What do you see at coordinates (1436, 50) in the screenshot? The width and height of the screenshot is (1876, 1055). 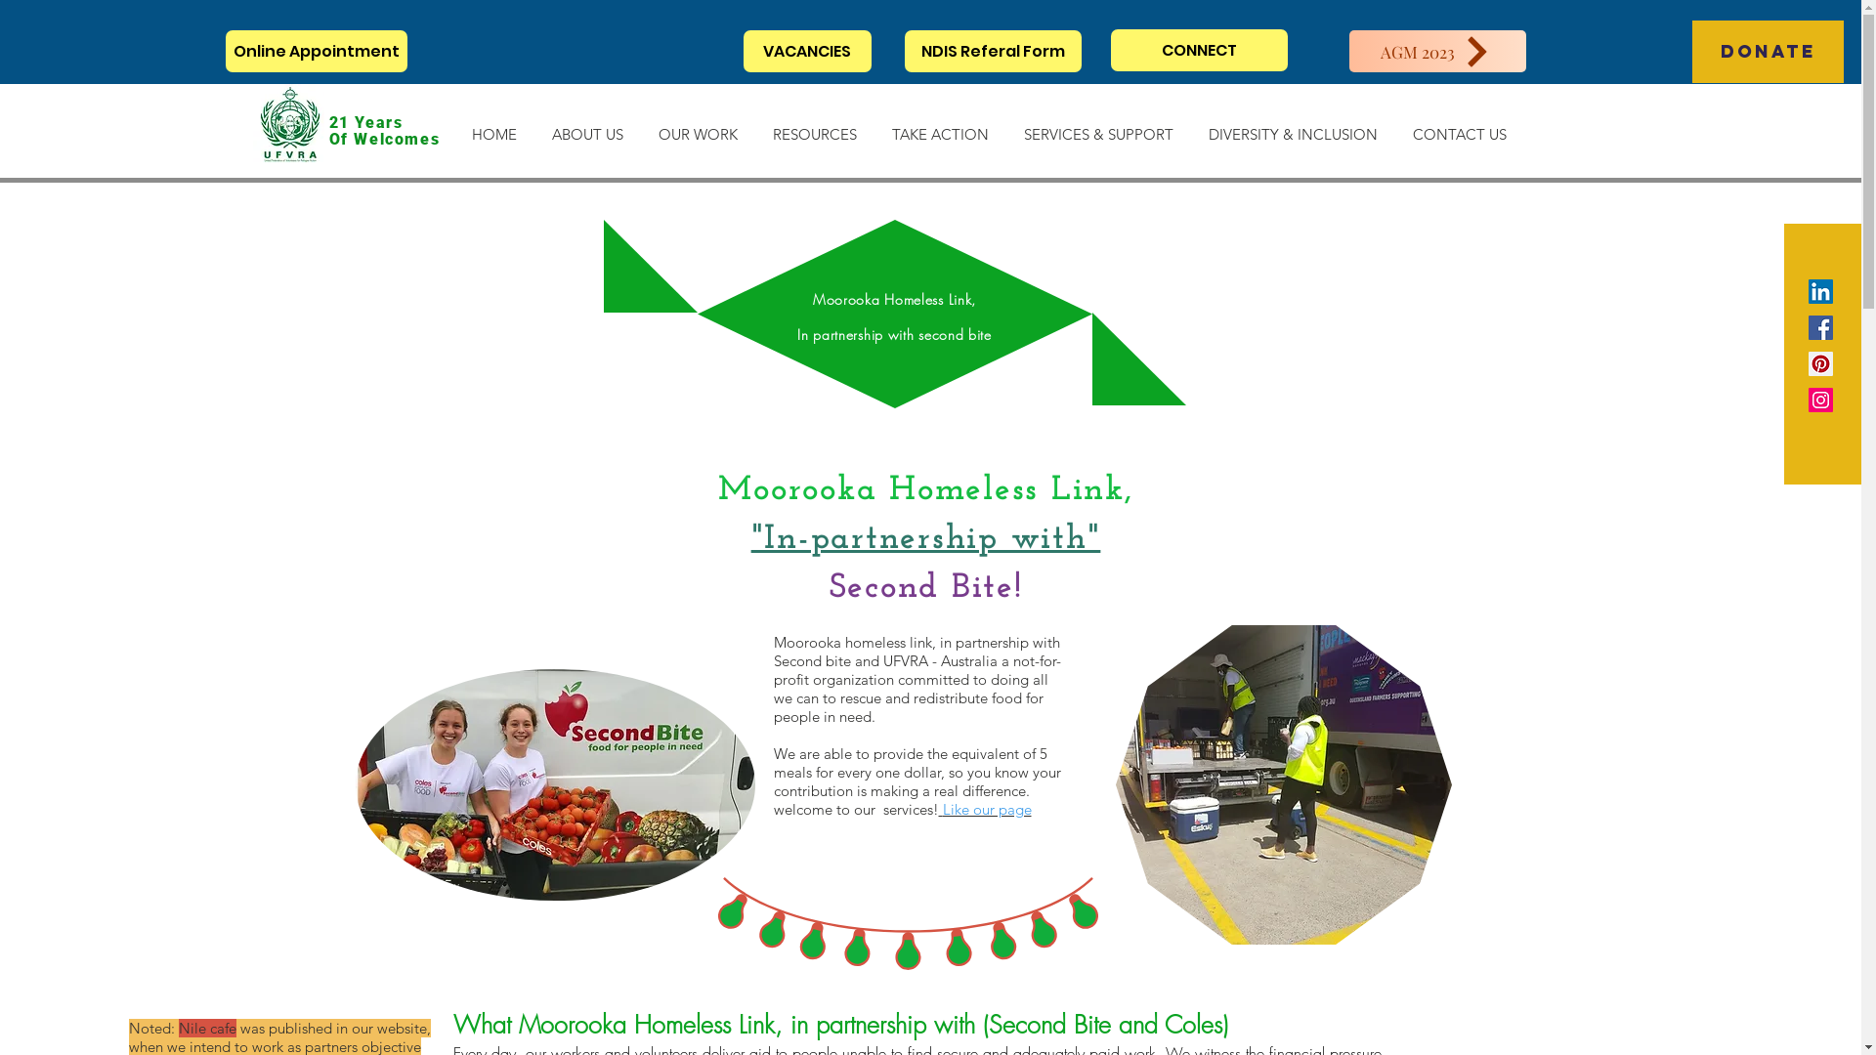 I see `'AGM 2023'` at bounding box center [1436, 50].